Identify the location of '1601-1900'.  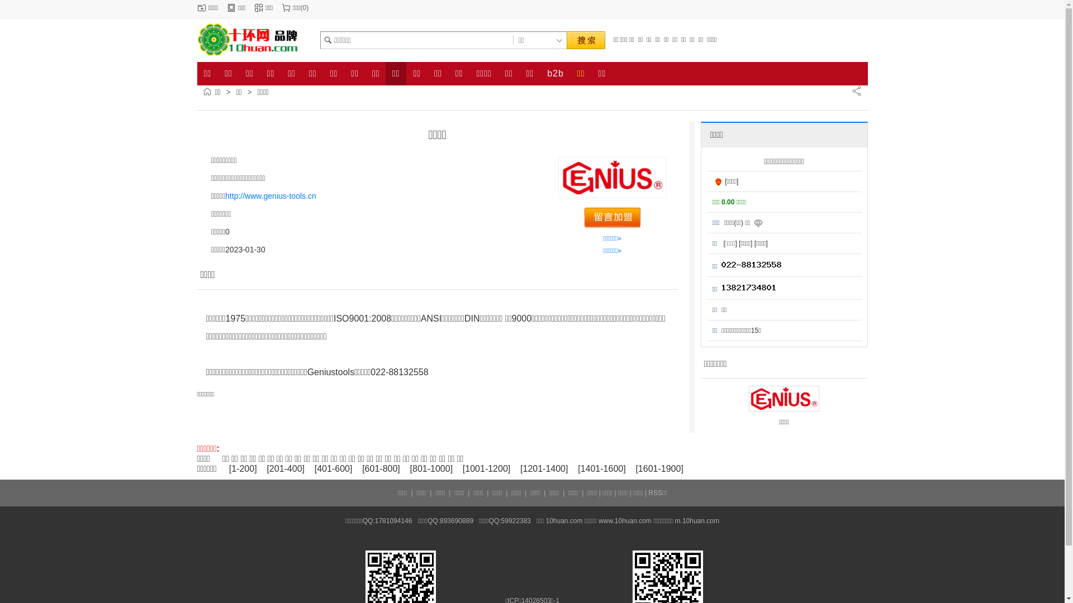
(659, 468).